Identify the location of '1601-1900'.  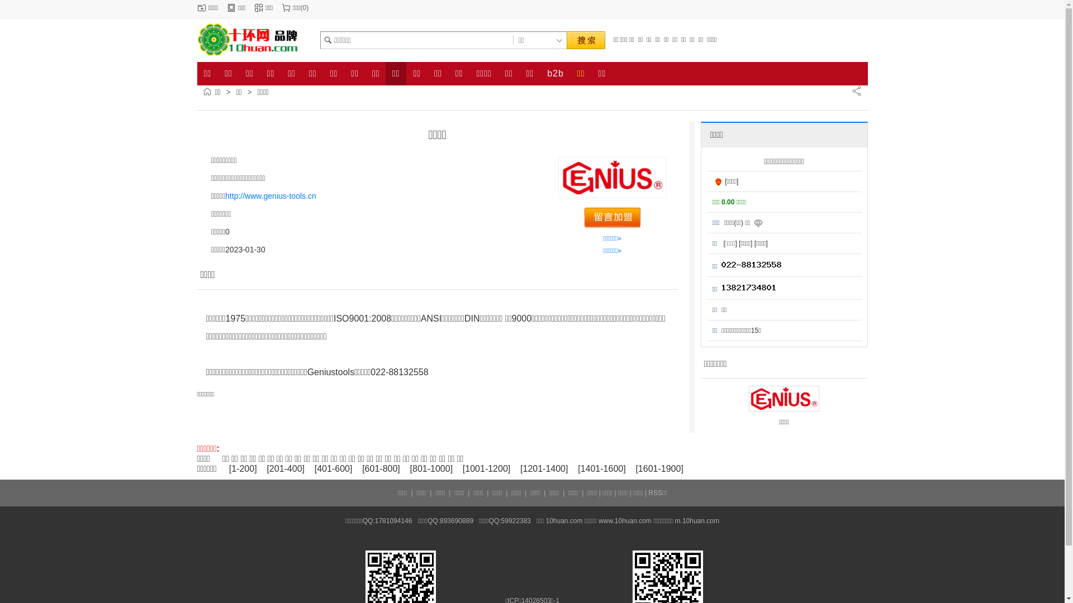
(659, 468).